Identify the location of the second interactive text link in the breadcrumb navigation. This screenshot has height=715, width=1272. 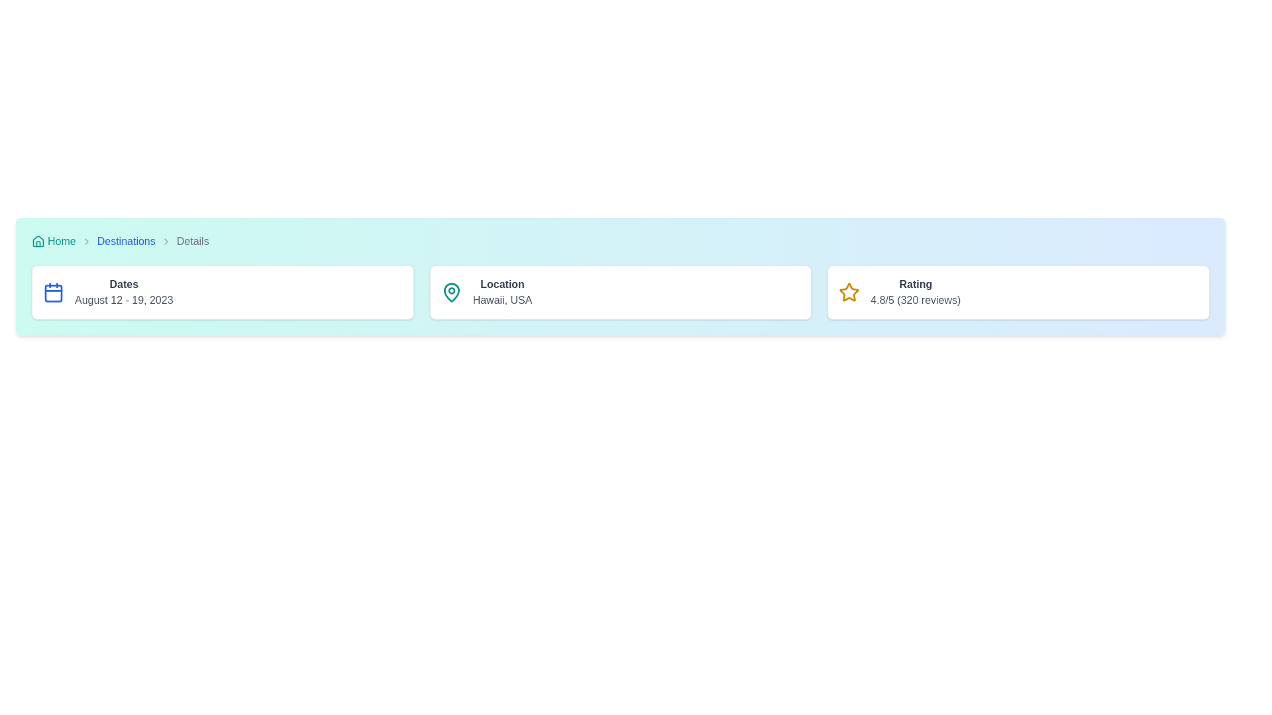
(126, 242).